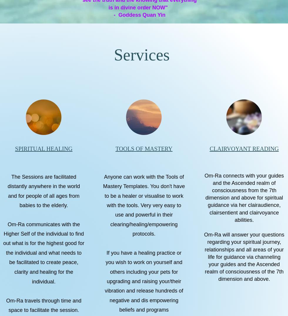 This screenshot has height=316, width=288. What do you see at coordinates (244, 197) in the screenshot?
I see `'Om-Ra connects with your guides and the Ascended realm of consciousness from the 7th dimension and above for spiritual guidance via her clairaudience, clairsentient and clairvoyance abilities.'` at bounding box center [244, 197].